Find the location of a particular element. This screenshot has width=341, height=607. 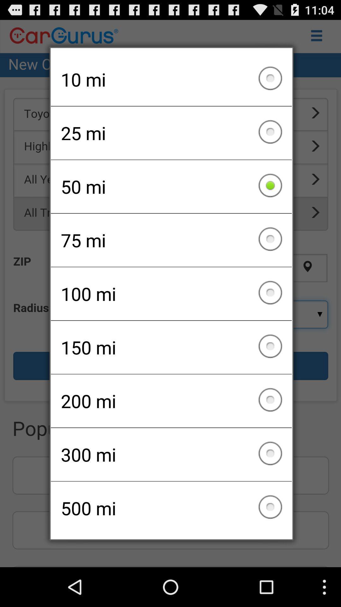

the 25 mi checkbox is located at coordinates (171, 132).